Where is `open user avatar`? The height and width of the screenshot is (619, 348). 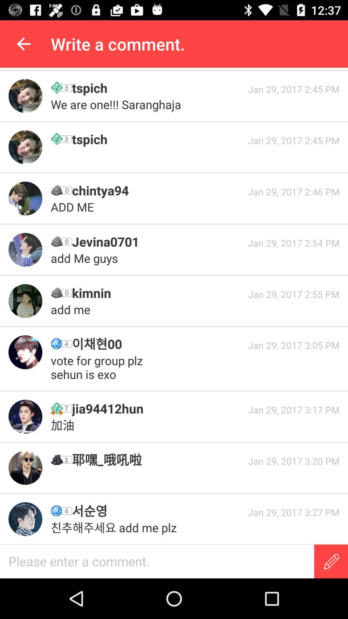
open user avatar is located at coordinates (25, 417).